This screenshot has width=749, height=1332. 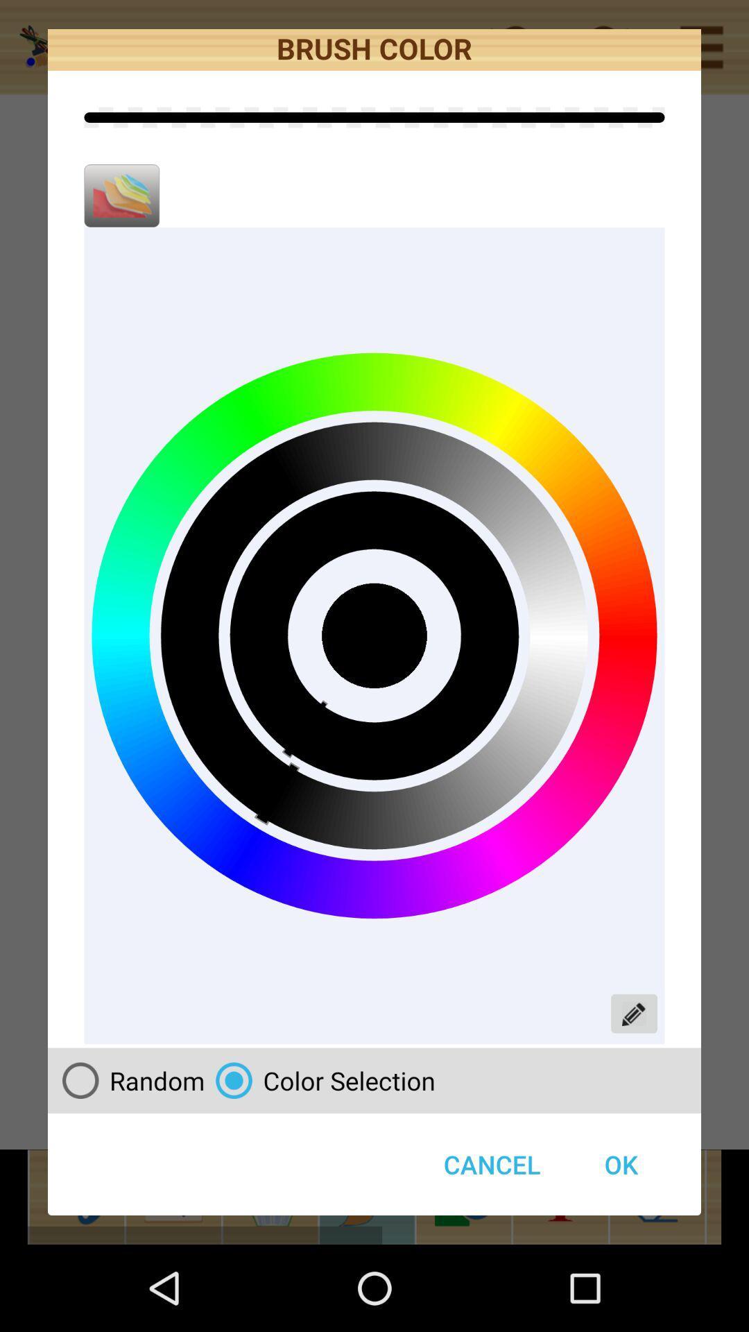 I want to click on button above the cancel, so click(x=320, y=1079).